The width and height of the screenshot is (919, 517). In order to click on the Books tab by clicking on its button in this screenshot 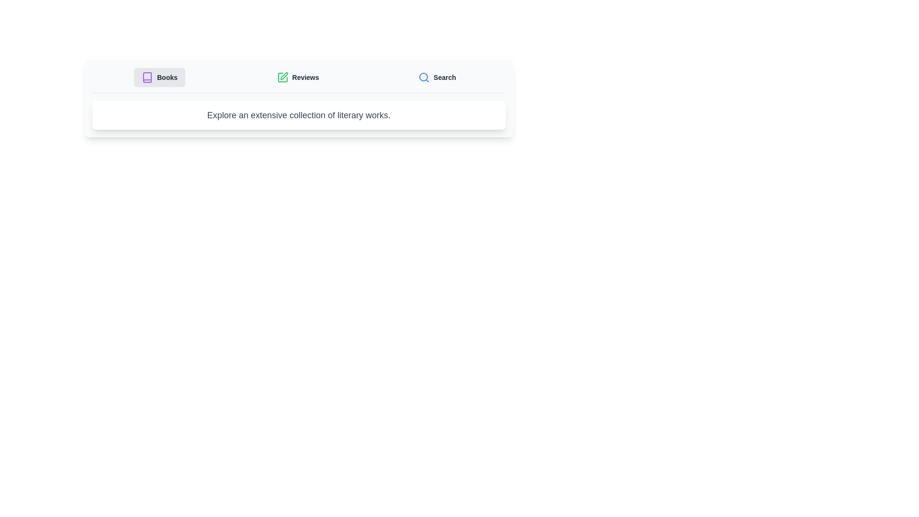, I will do `click(159, 77)`.